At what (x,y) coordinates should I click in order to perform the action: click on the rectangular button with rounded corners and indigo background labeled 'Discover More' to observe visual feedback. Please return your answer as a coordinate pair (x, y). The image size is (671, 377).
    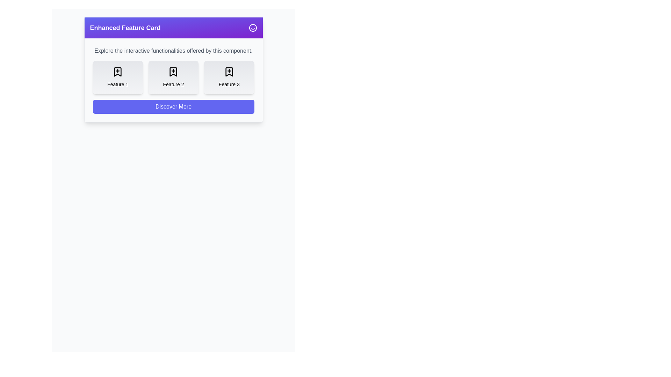
    Looking at the image, I should click on (173, 106).